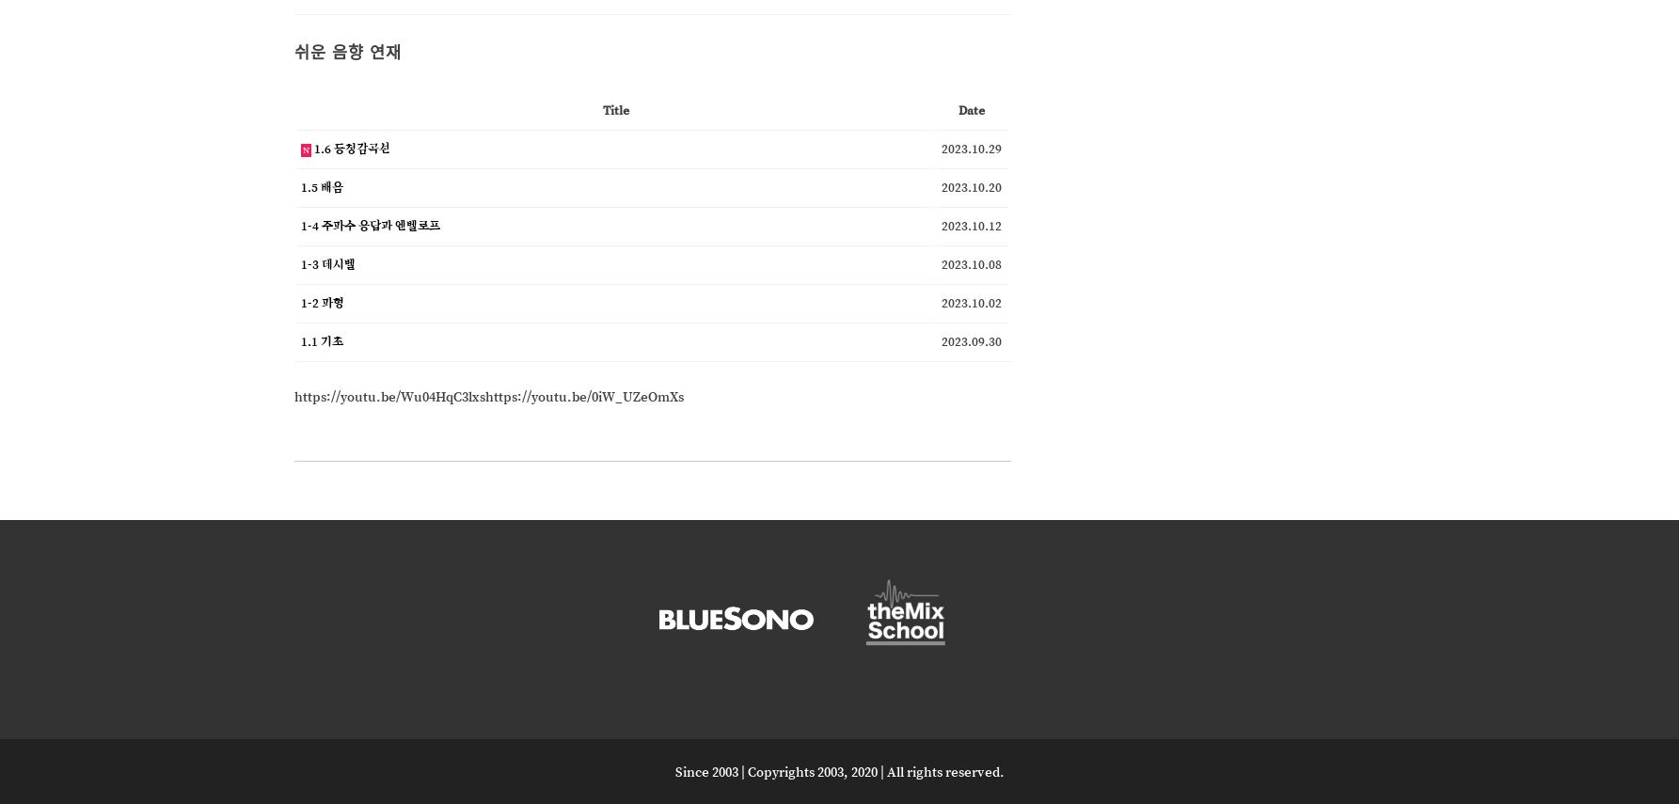 The height and width of the screenshot is (804, 1679). I want to click on '2023.10.29', so click(939, 147).